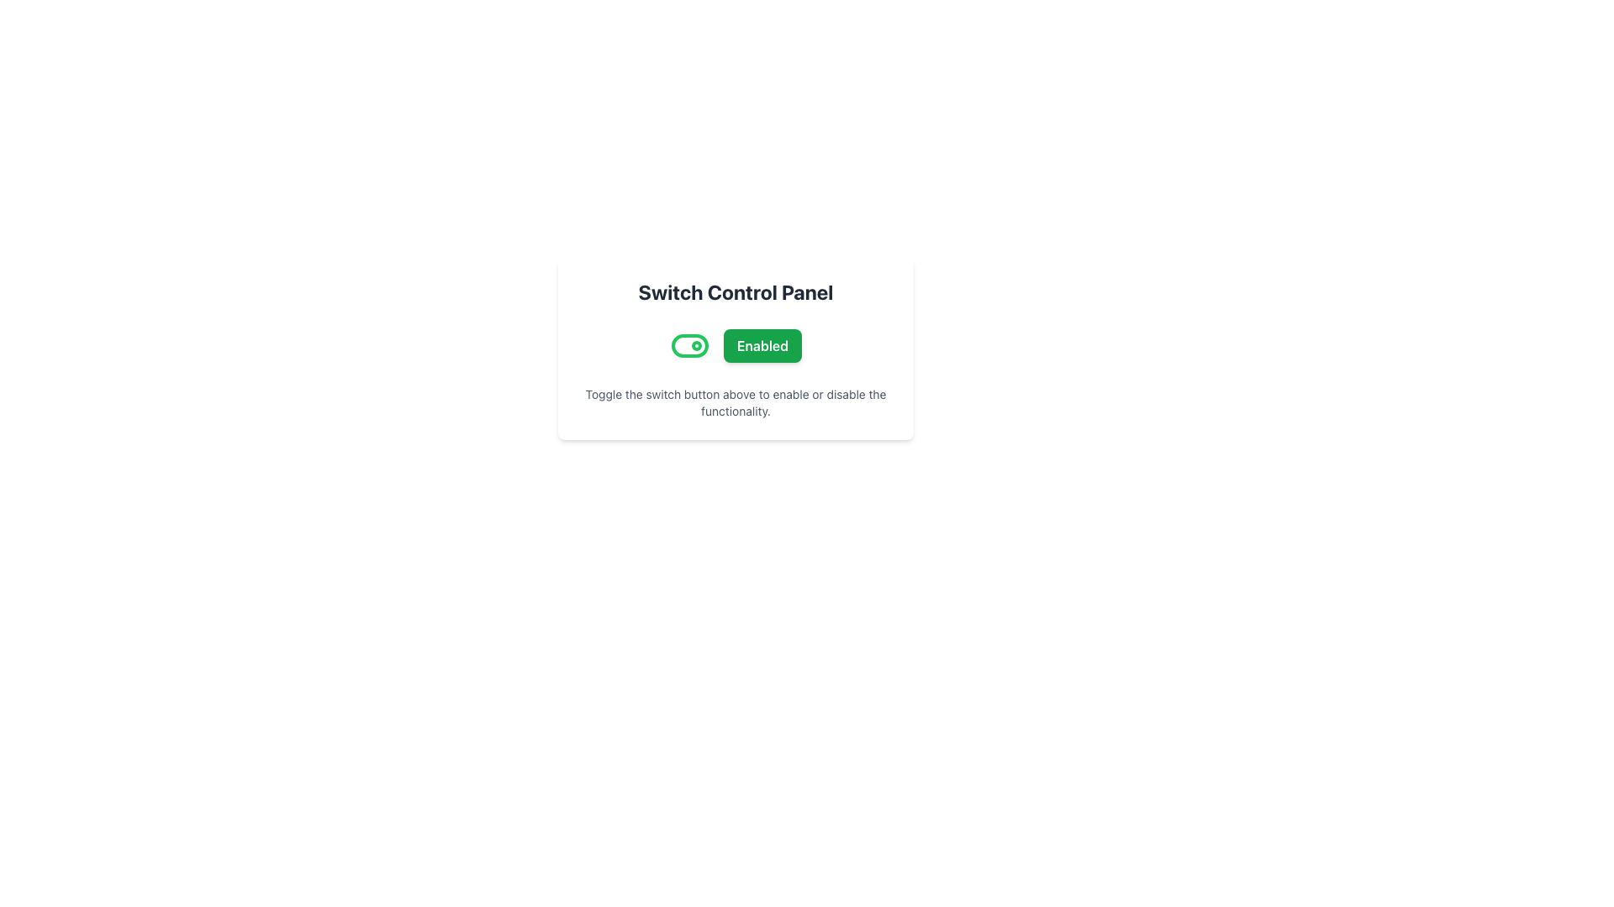 Image resolution: width=1614 pixels, height=907 pixels. What do you see at coordinates (689, 345) in the screenshot?
I see `the toggle switch with a green outline and white background, which is the leftmost component in a horizontal arrangement, indicating an active state` at bounding box center [689, 345].